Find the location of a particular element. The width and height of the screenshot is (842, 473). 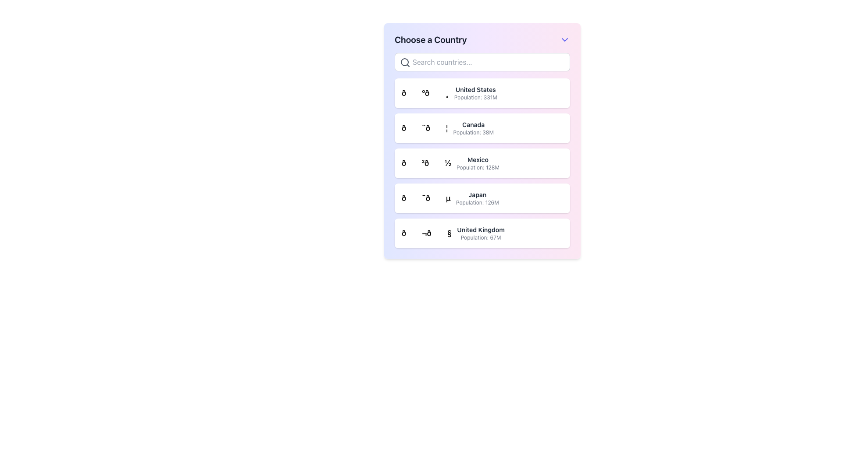

the fifth list item representing 'United Kingdom' which includes a flag emoji and population details is located at coordinates (453, 233).